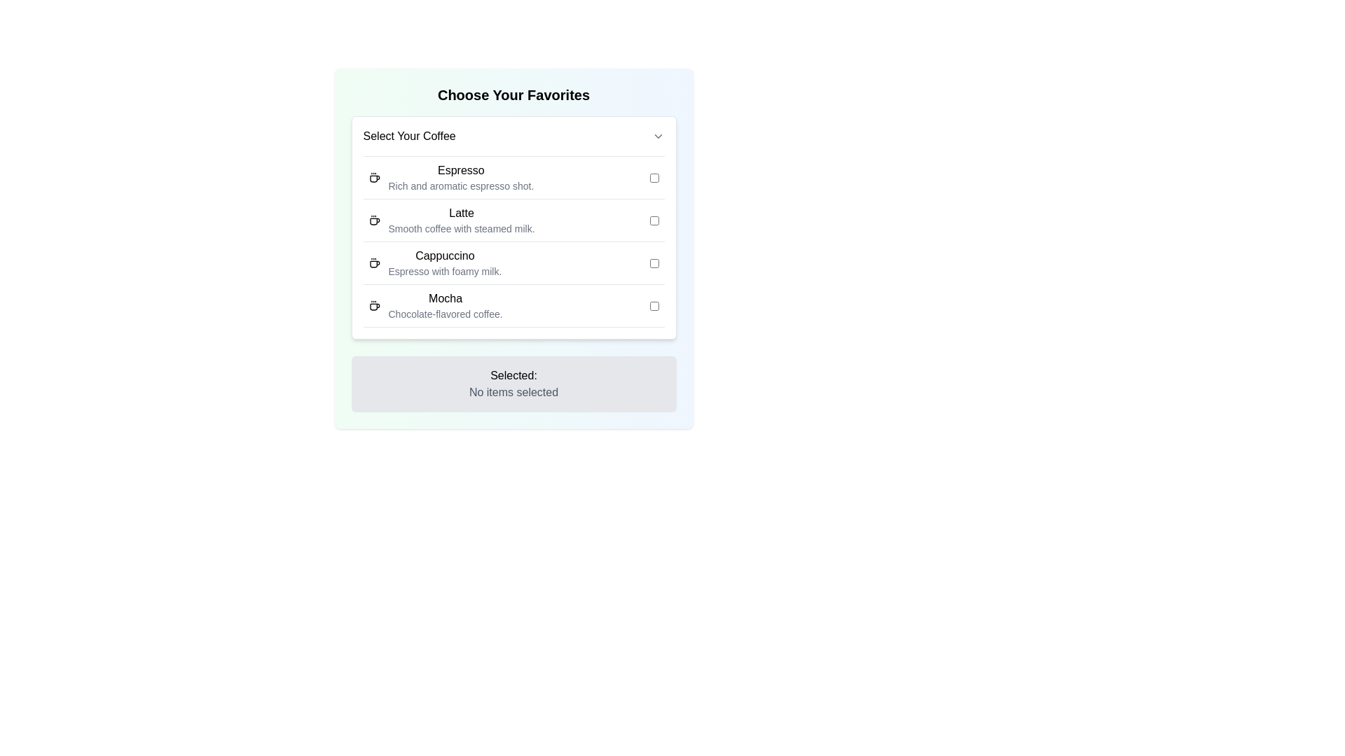  I want to click on the label that contains the text 'Selected:' which is bolded and located above 'No items selected', so click(513, 374).